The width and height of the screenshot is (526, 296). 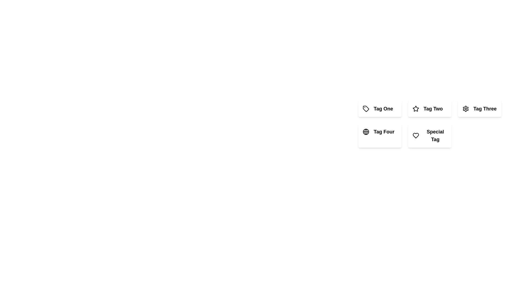 What do you see at coordinates (433, 109) in the screenshot?
I see `the text label displaying 'Tag Two', which is located in the second position from the left in the second row of a grid-style layout` at bounding box center [433, 109].